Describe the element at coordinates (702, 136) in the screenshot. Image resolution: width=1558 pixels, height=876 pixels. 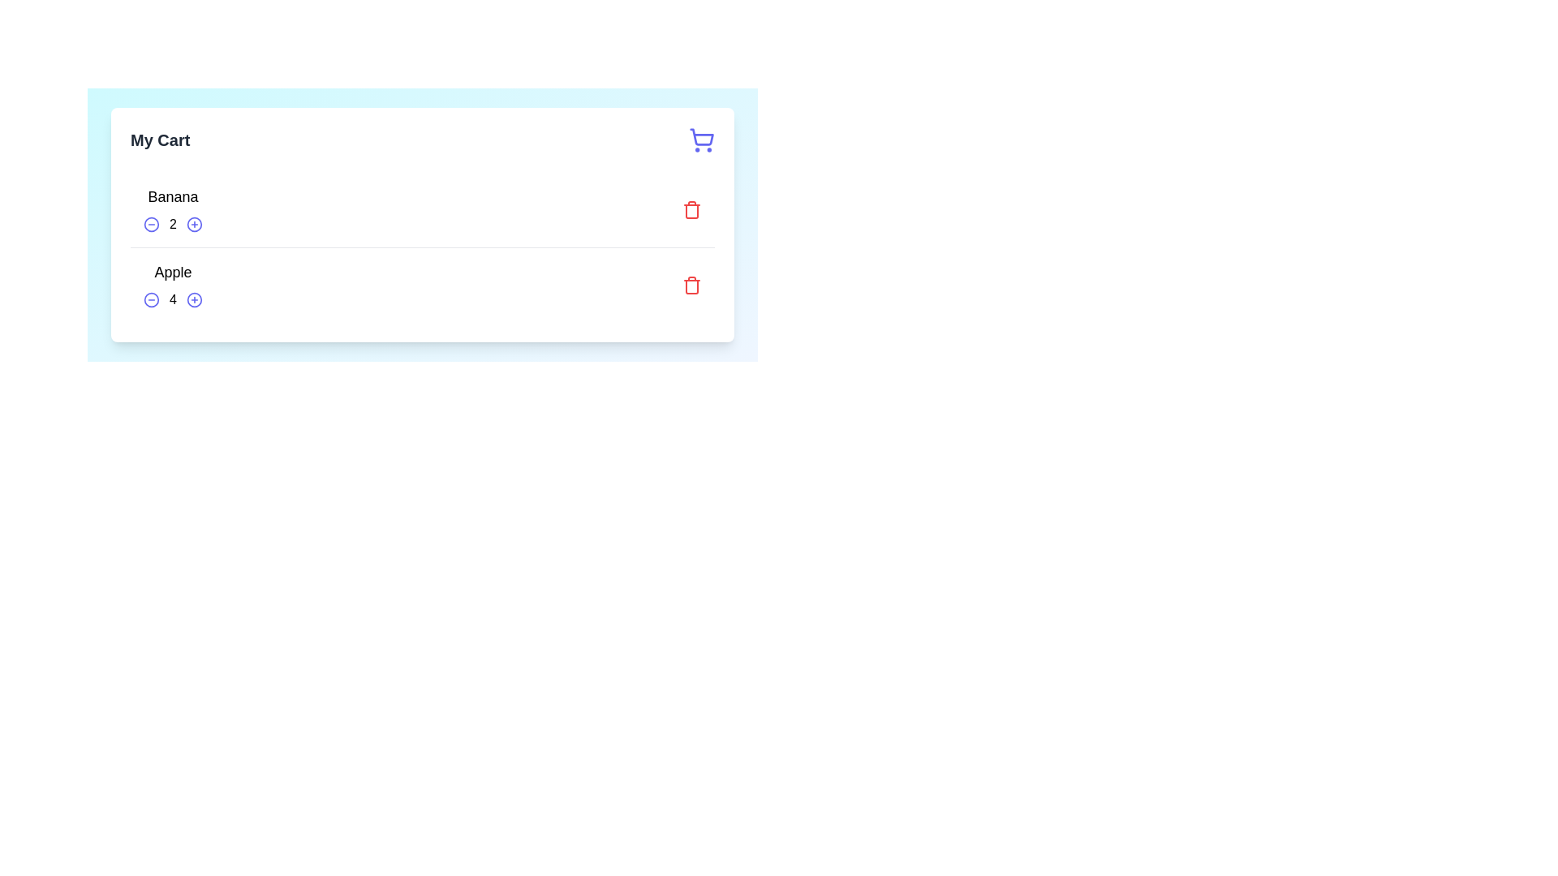
I see `the shopping cart icon located in the top-right corner of the interface, which is part of an SVG icon that indicates access to cart-related features` at that location.